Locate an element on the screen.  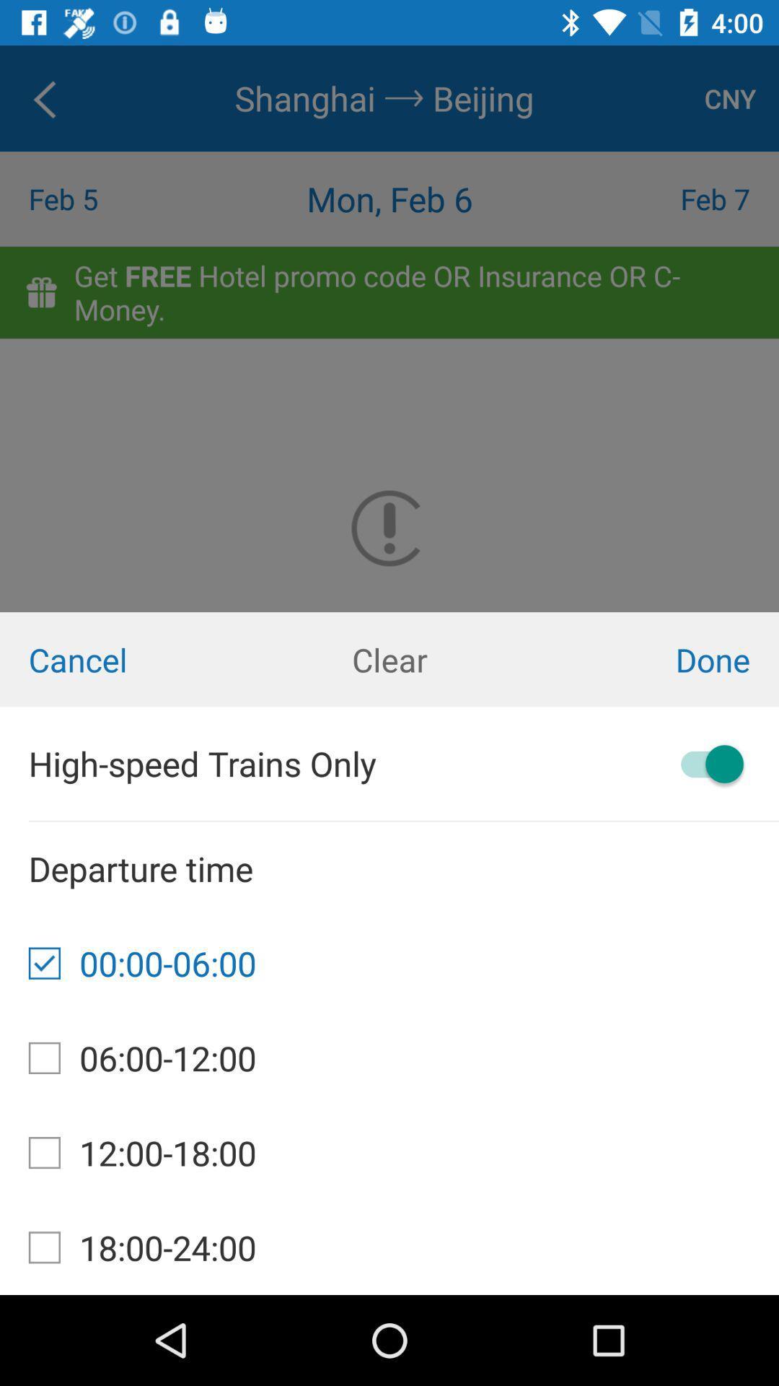
the icon next to the done icon is located at coordinates (389, 658).